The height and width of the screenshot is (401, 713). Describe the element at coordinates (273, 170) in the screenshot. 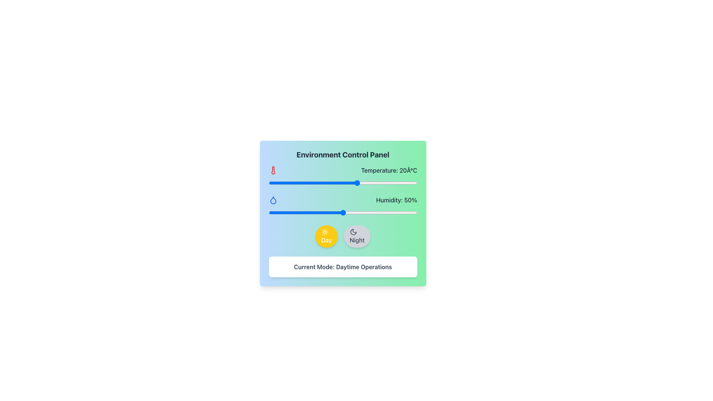

I see `the red-colored thermometer icon located in the 'Temperature' section, which precedes the text 'Temperature: 20°C'` at that location.